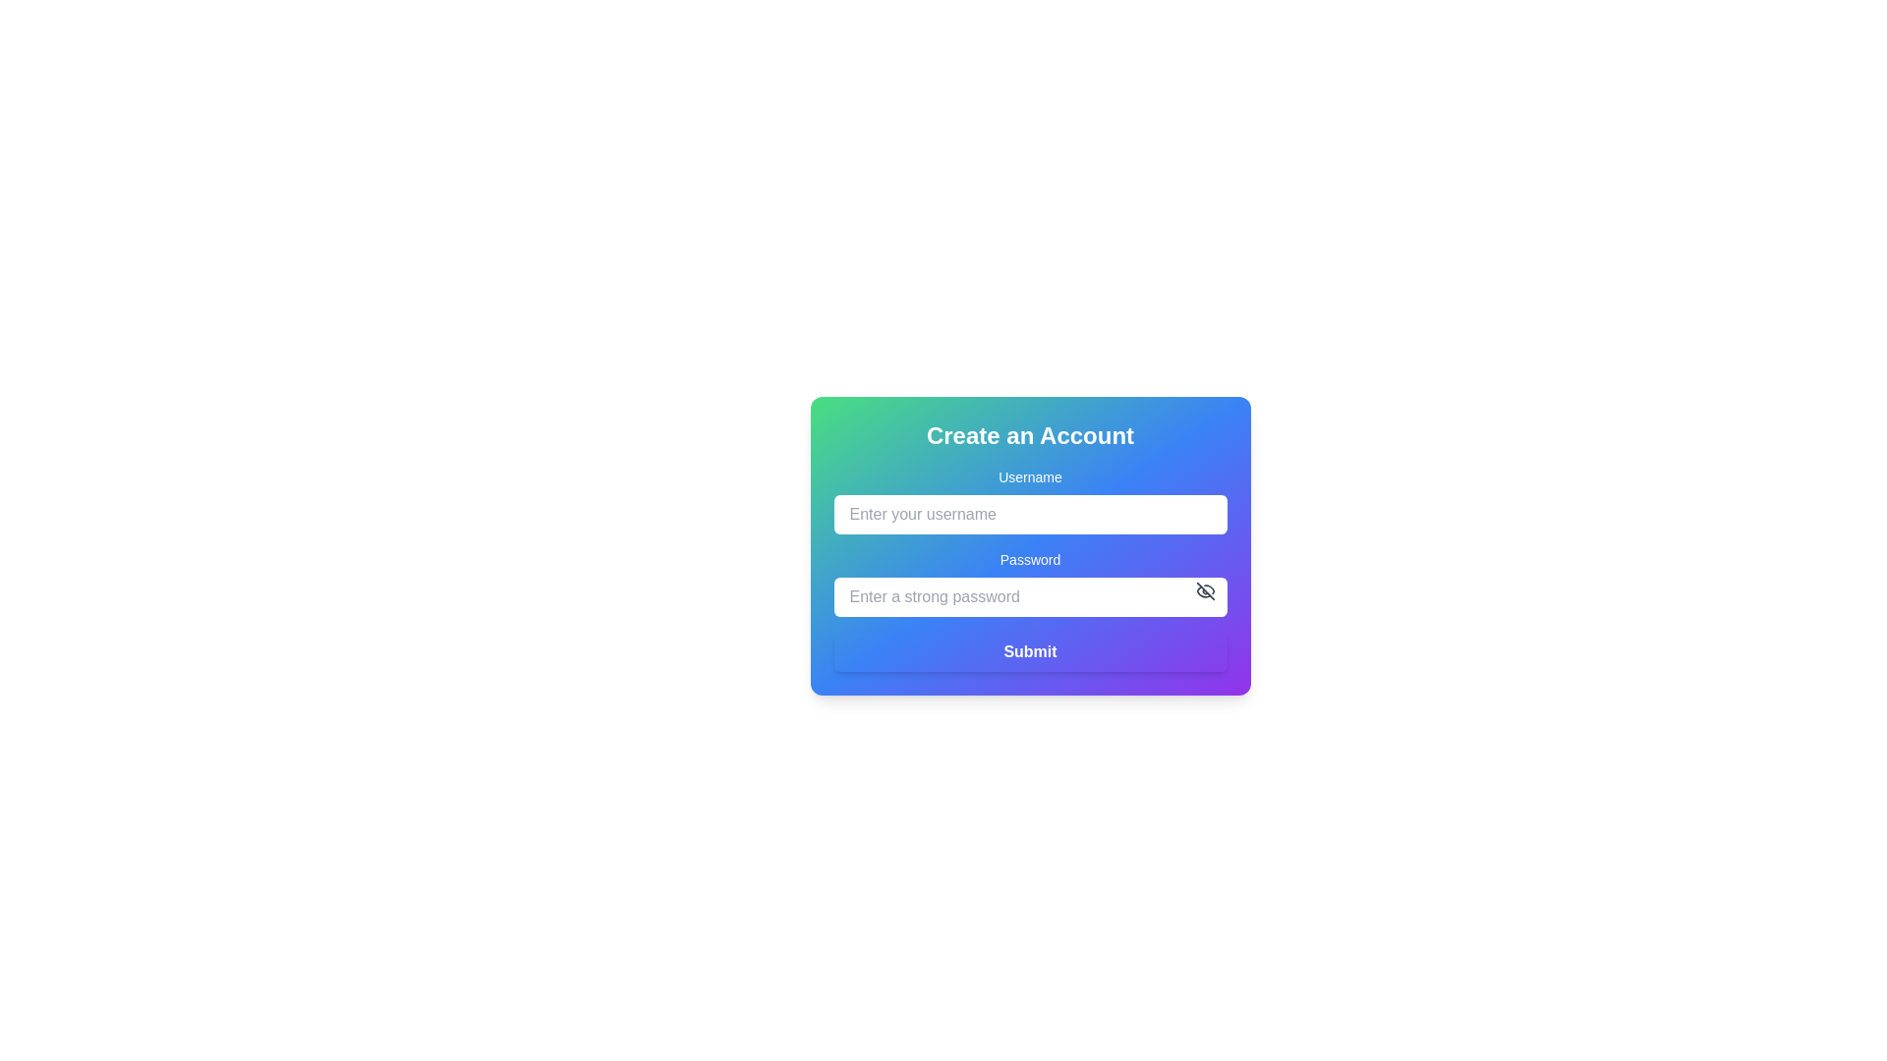 This screenshot has height=1061, width=1887. What do you see at coordinates (1204, 589) in the screenshot?
I see `the slashed-eye icon representing the visibility toggle located on the right side of the password input field` at bounding box center [1204, 589].